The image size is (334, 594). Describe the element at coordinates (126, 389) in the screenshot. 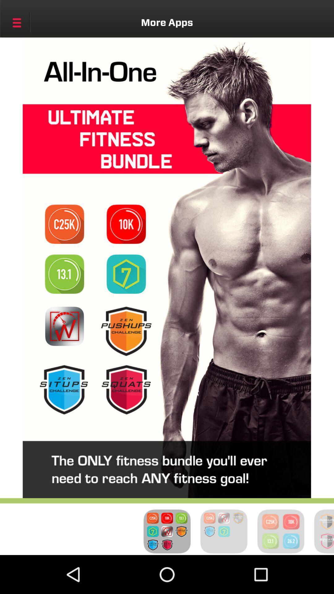

I see `list` at that location.